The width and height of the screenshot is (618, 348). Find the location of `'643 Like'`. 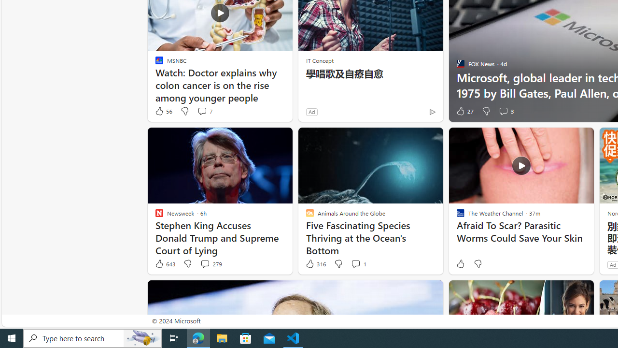

'643 Like' is located at coordinates (165, 264).